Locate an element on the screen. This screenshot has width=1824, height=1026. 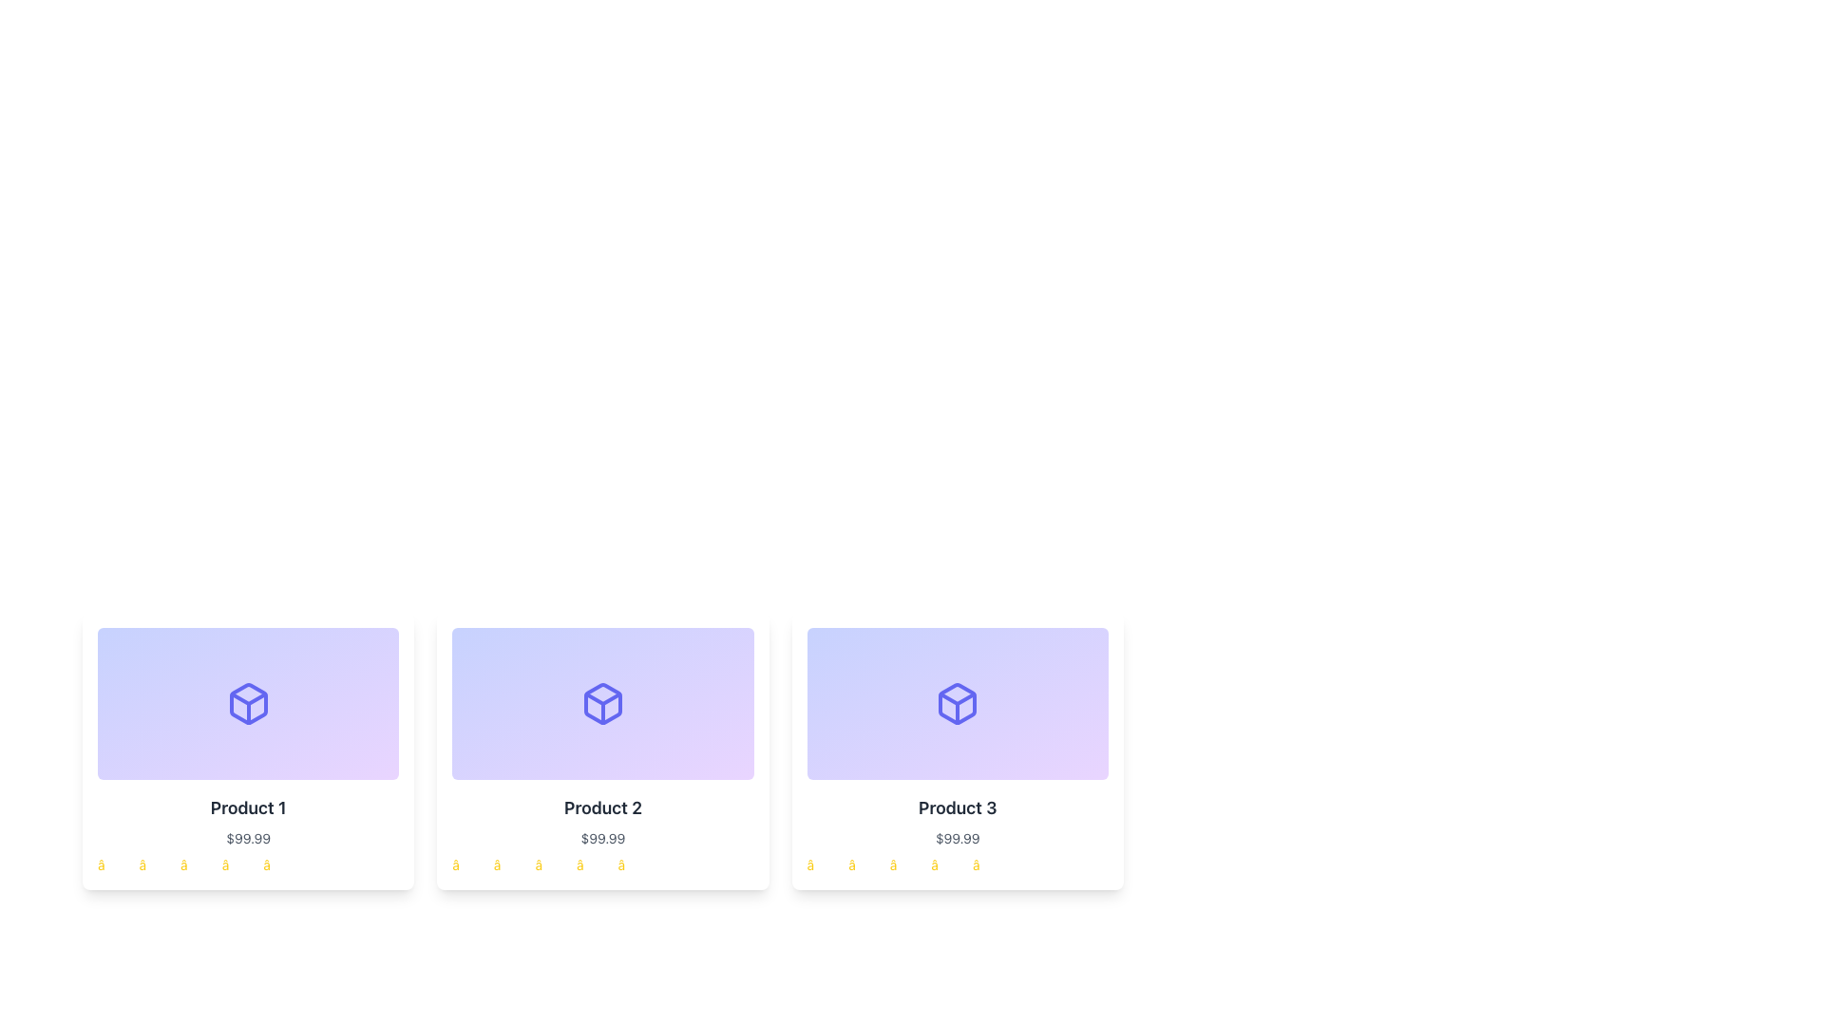
the price text element displayed under the product name and above the rating stars in the first product card is located at coordinates (247, 838).